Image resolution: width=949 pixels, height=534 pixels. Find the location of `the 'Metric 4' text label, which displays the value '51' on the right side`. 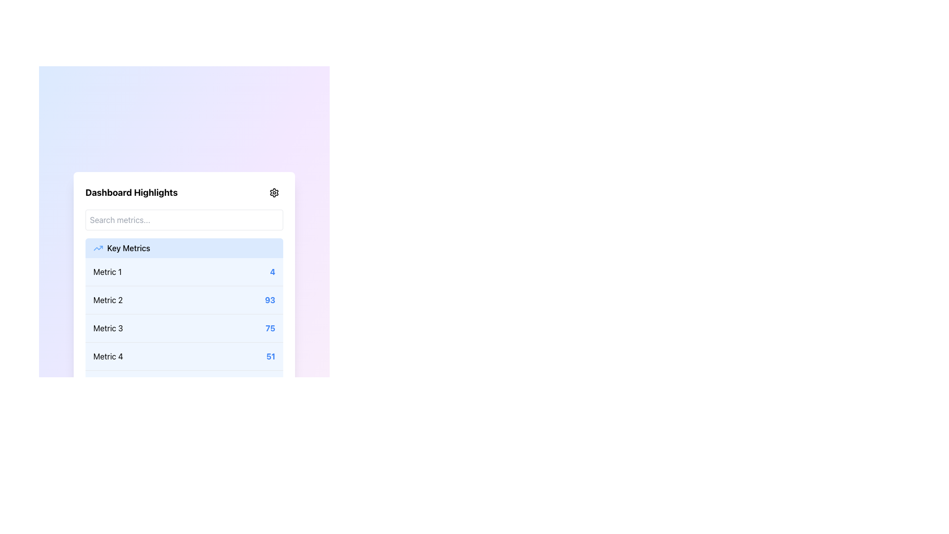

the 'Metric 4' text label, which displays the value '51' on the right side is located at coordinates (108, 356).